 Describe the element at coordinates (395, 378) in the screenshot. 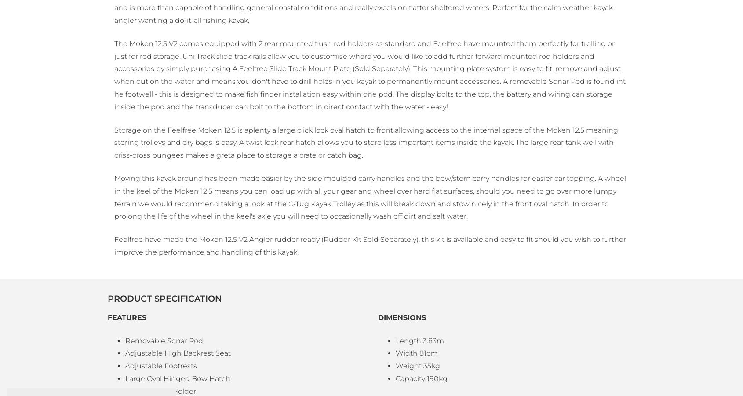

I see `'Capacity 190kg'` at that location.